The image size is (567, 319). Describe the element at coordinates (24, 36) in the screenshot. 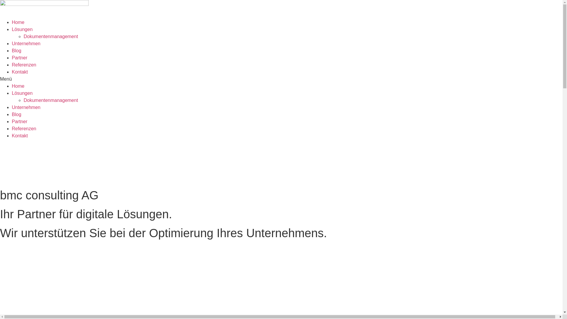

I see `'Dokumentenmanagement'` at that location.